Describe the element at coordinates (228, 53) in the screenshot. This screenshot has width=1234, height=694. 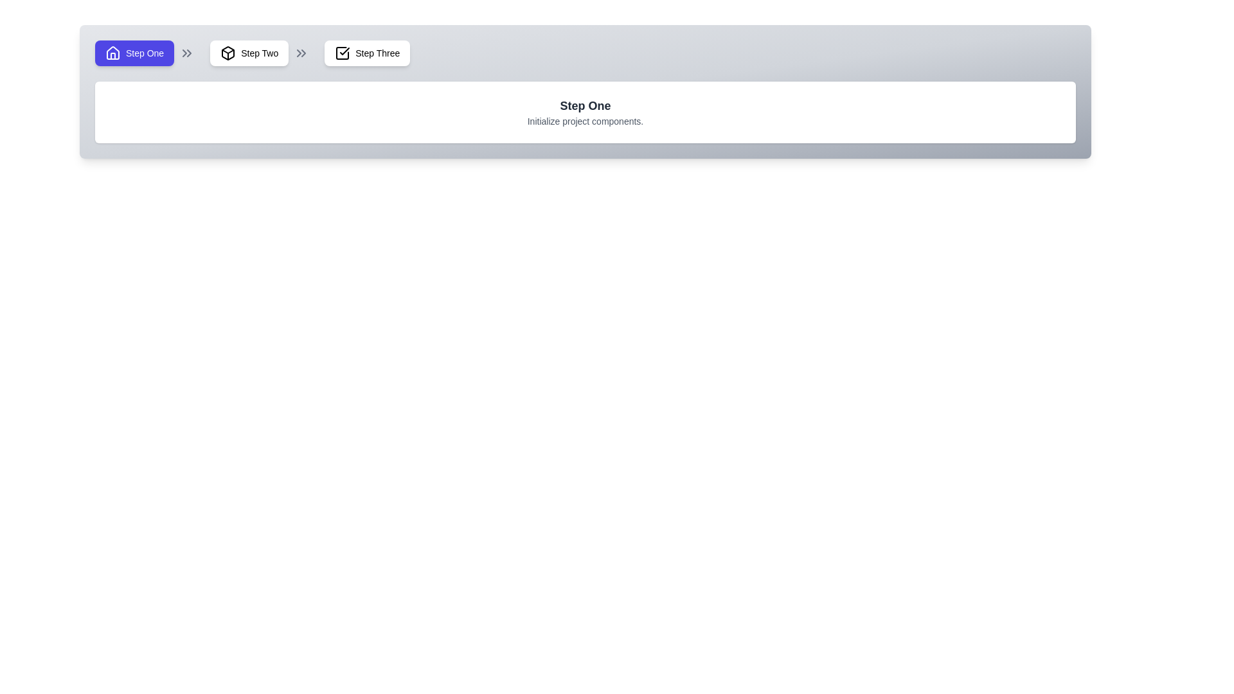
I see `the visual representation of the second step indicator icon in the navigation bar, which resembles a three-dimensional box with a simple line drawing` at that location.